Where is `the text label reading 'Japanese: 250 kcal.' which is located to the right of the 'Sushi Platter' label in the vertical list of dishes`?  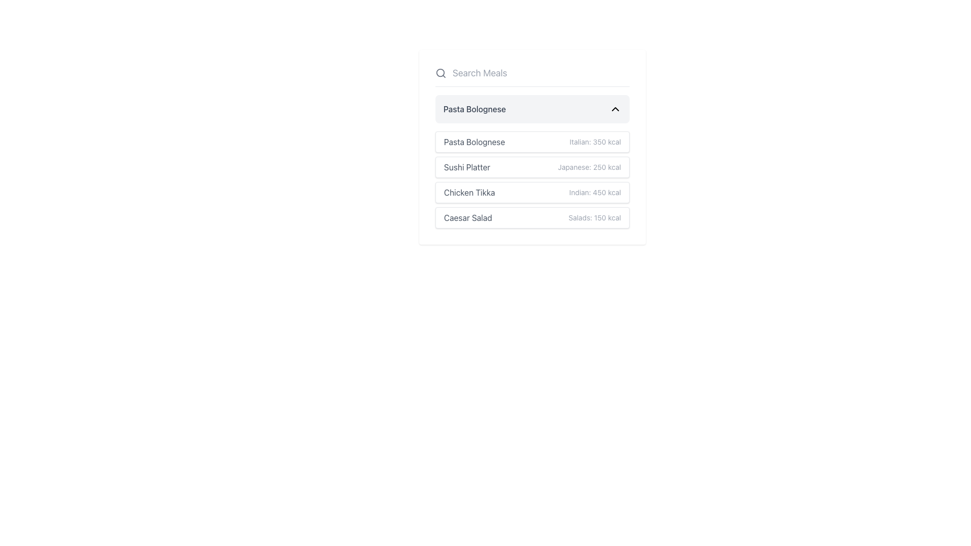 the text label reading 'Japanese: 250 kcal.' which is located to the right of the 'Sushi Platter' label in the vertical list of dishes is located at coordinates (589, 167).